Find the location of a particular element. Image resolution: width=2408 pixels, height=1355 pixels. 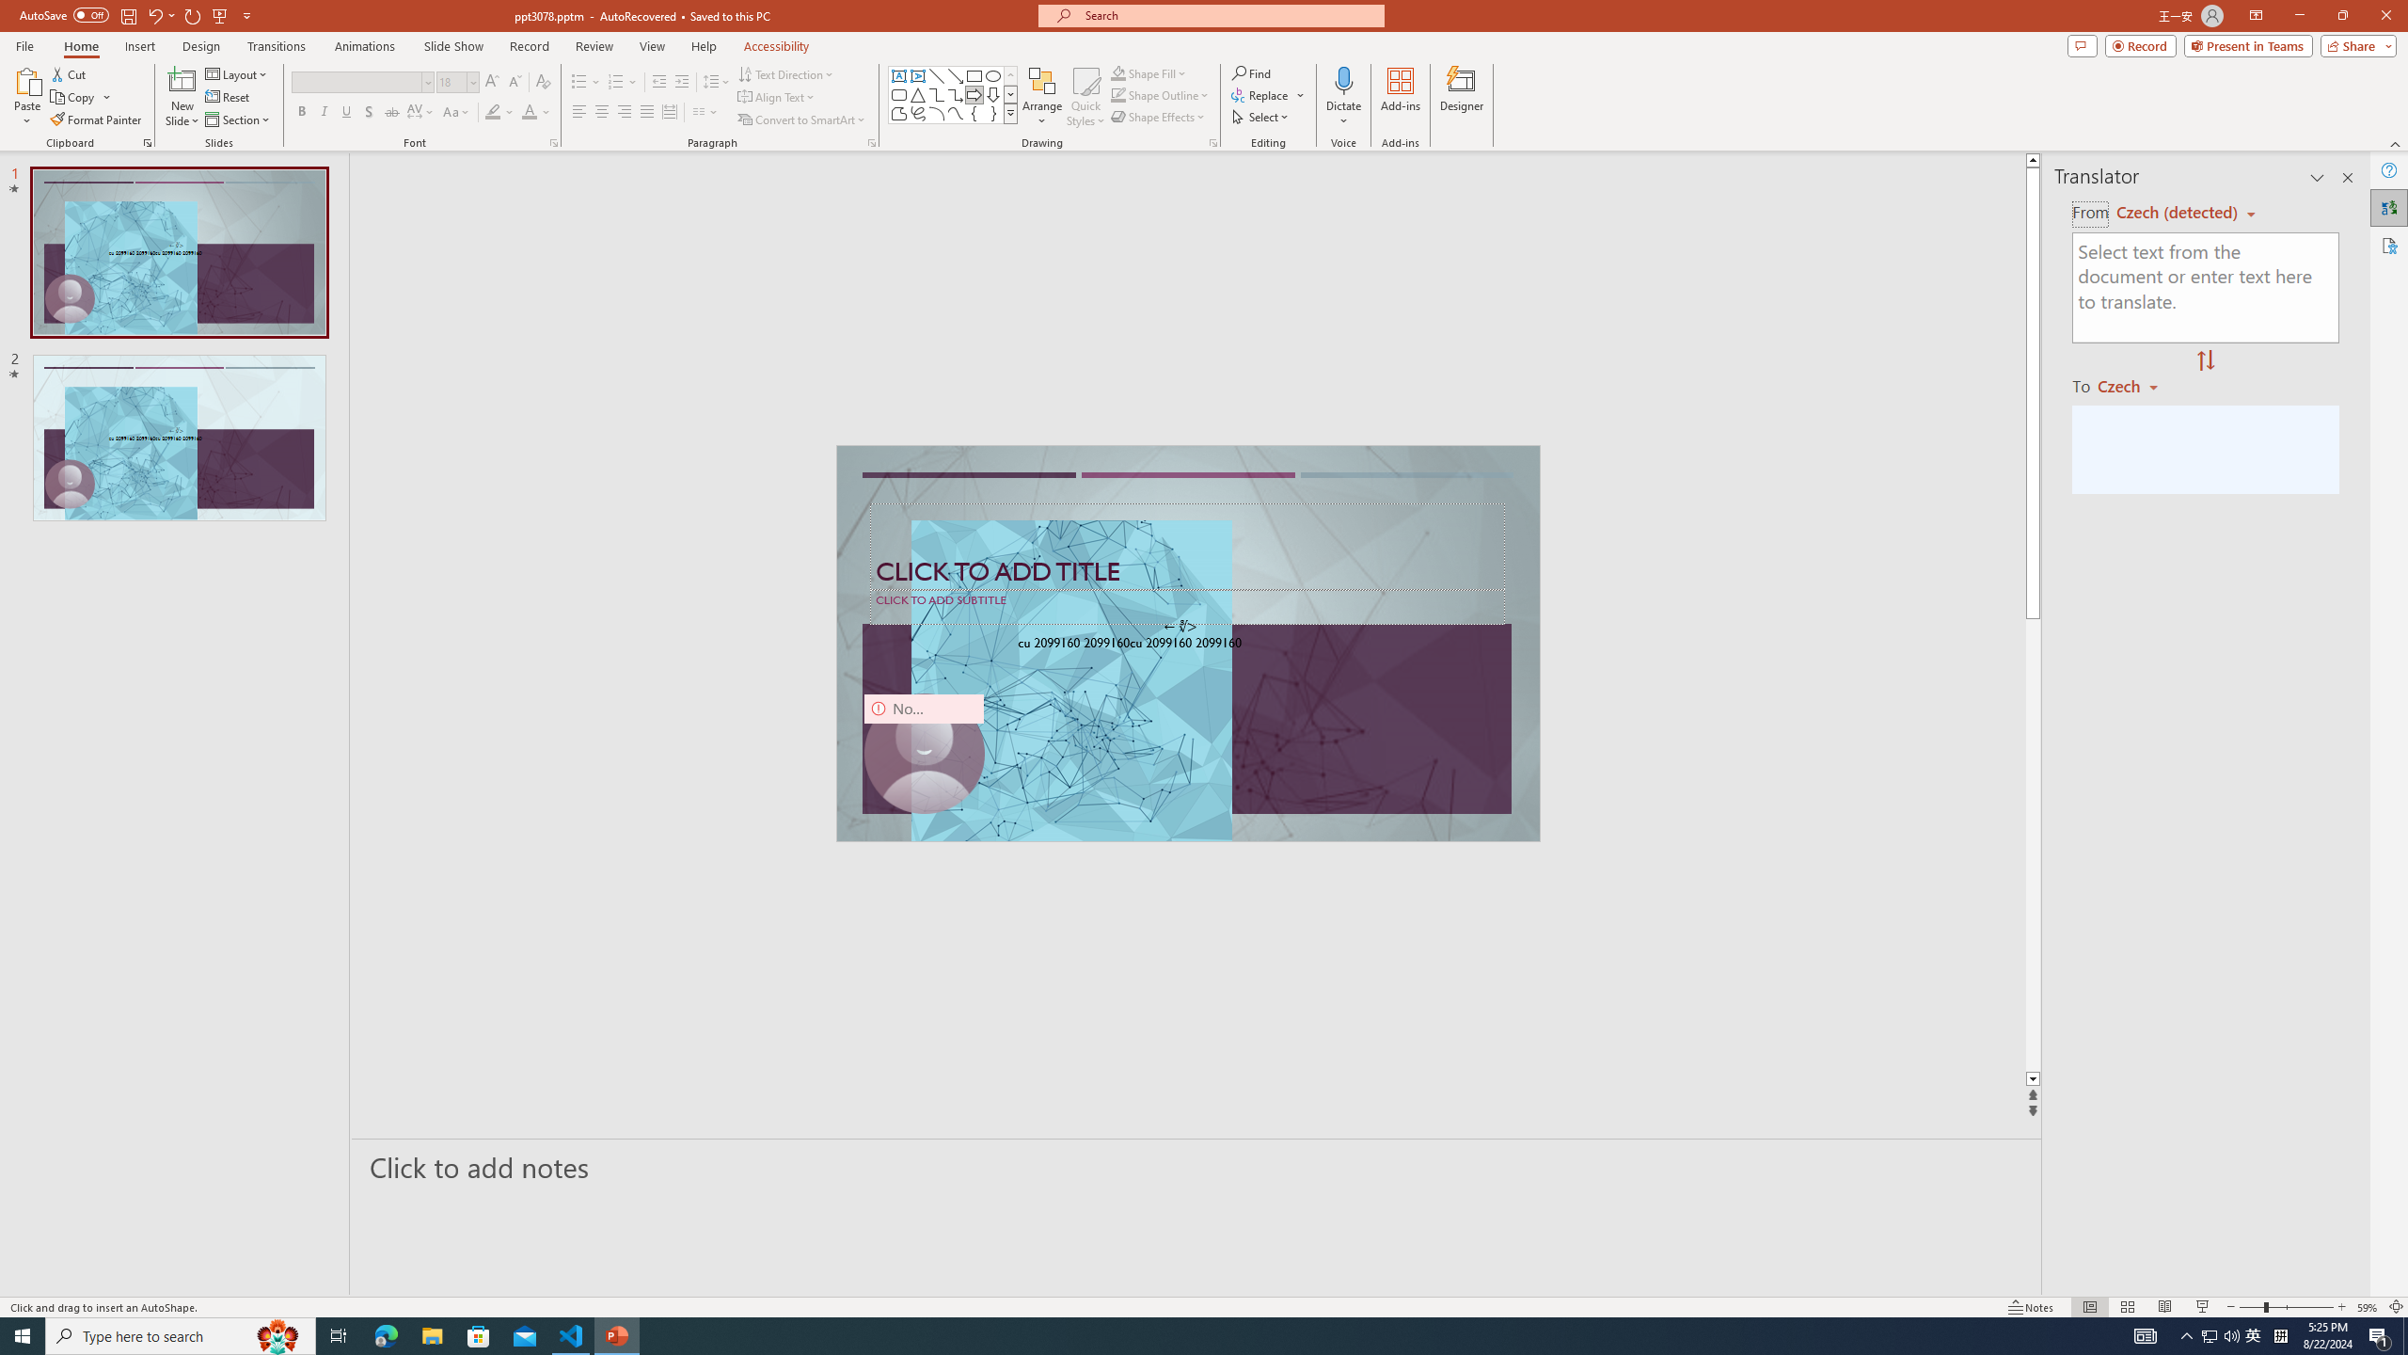

'Camera 9, No camera detected.' is located at coordinates (923, 753).